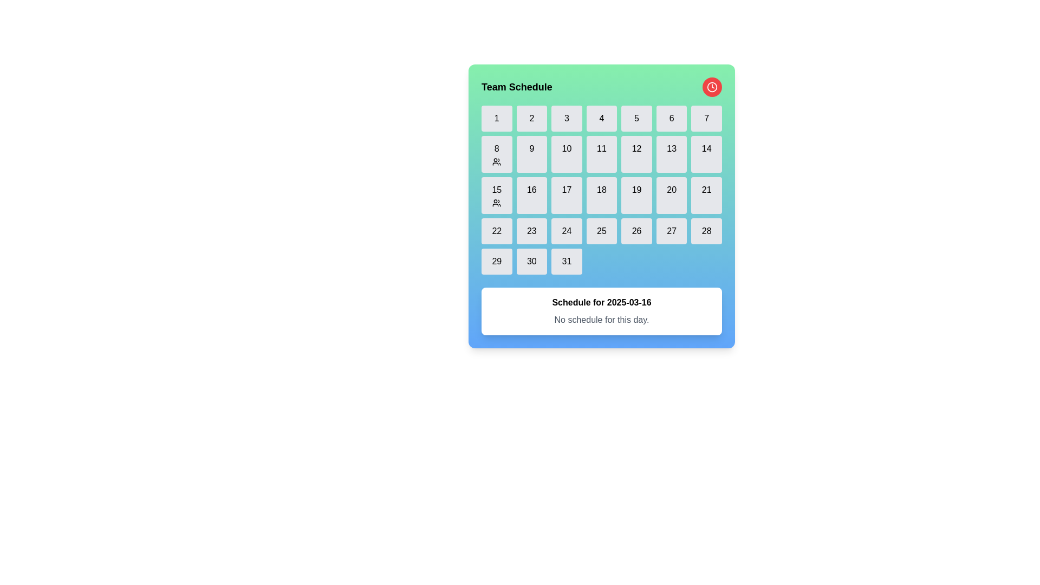 The height and width of the screenshot is (585, 1040). I want to click on the button representing the date '10' in the calendar interface, so click(566, 154).